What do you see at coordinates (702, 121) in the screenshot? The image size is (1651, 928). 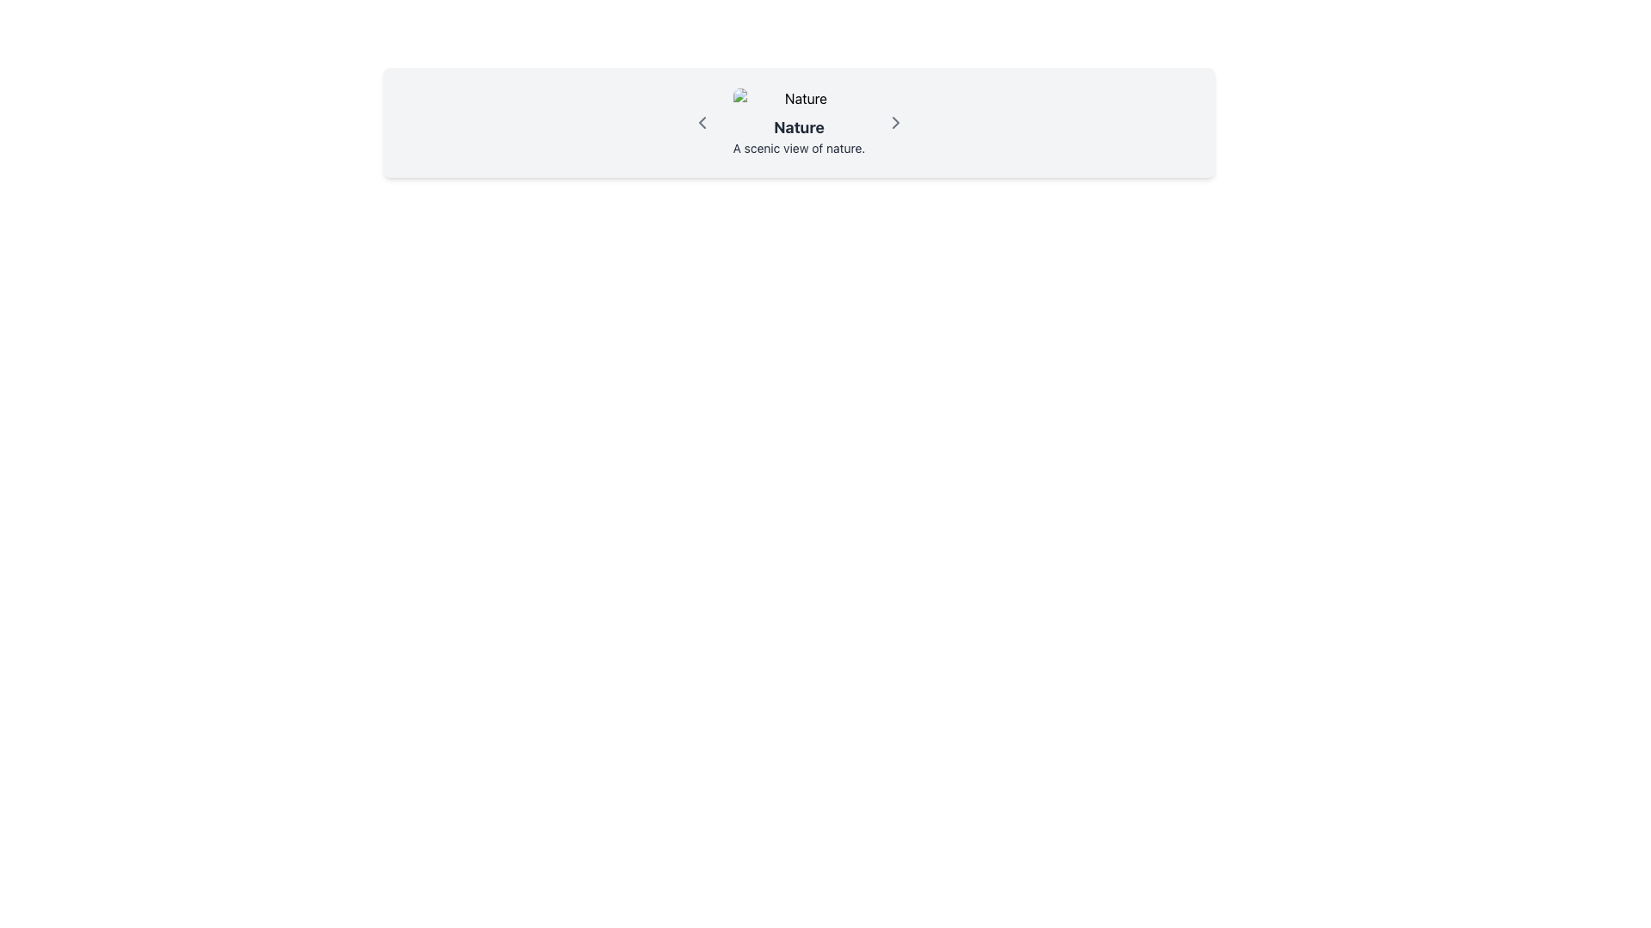 I see `the left chevron icon in the 'Nature' section` at bounding box center [702, 121].